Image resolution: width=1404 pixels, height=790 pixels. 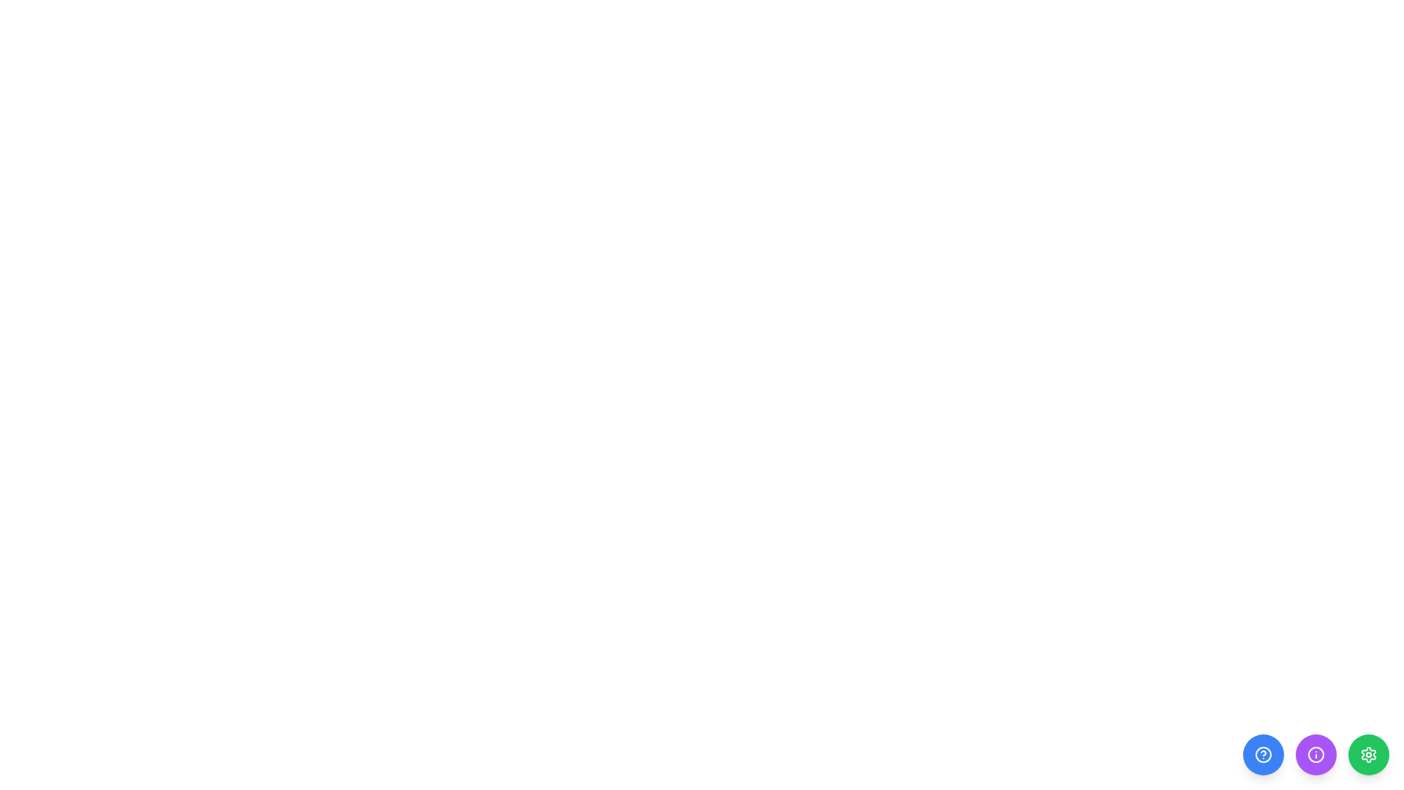 I want to click on the interactive information button located between the blue and green buttons in the bottom-right corner, so click(x=1316, y=755).